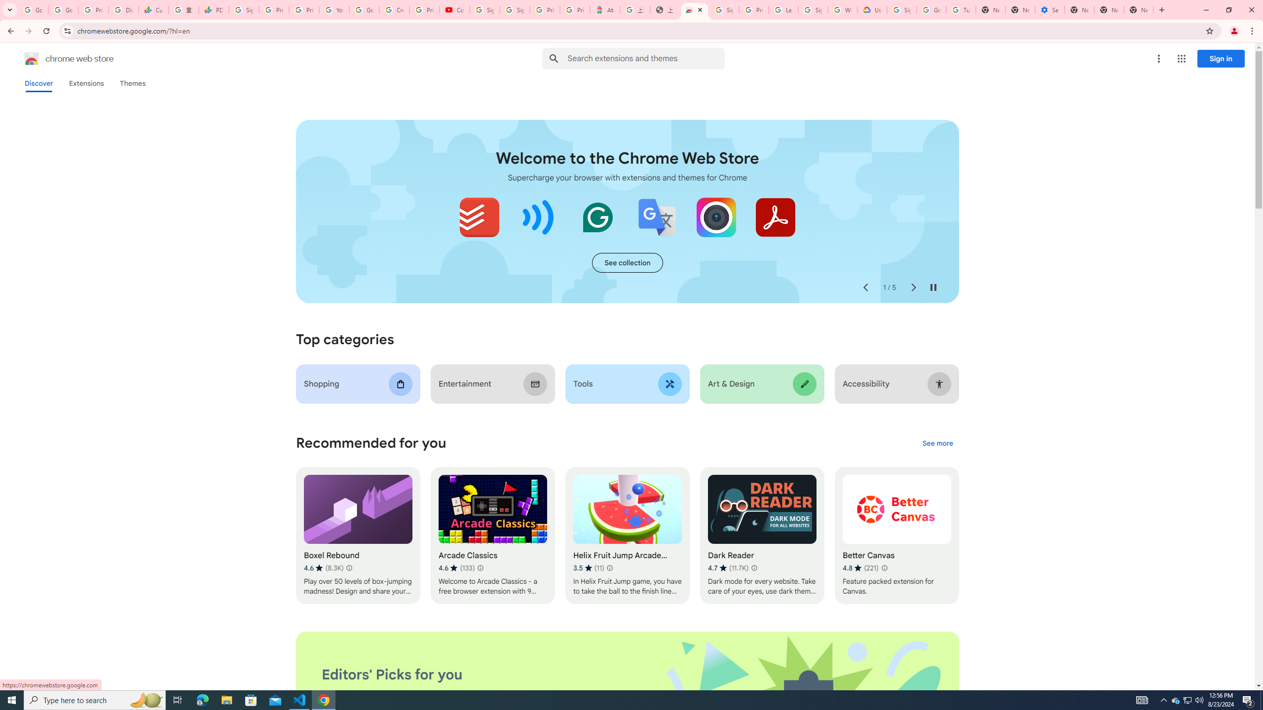 This screenshot has width=1263, height=710. Describe the element at coordinates (933, 287) in the screenshot. I see `'Pause auto-play'` at that location.